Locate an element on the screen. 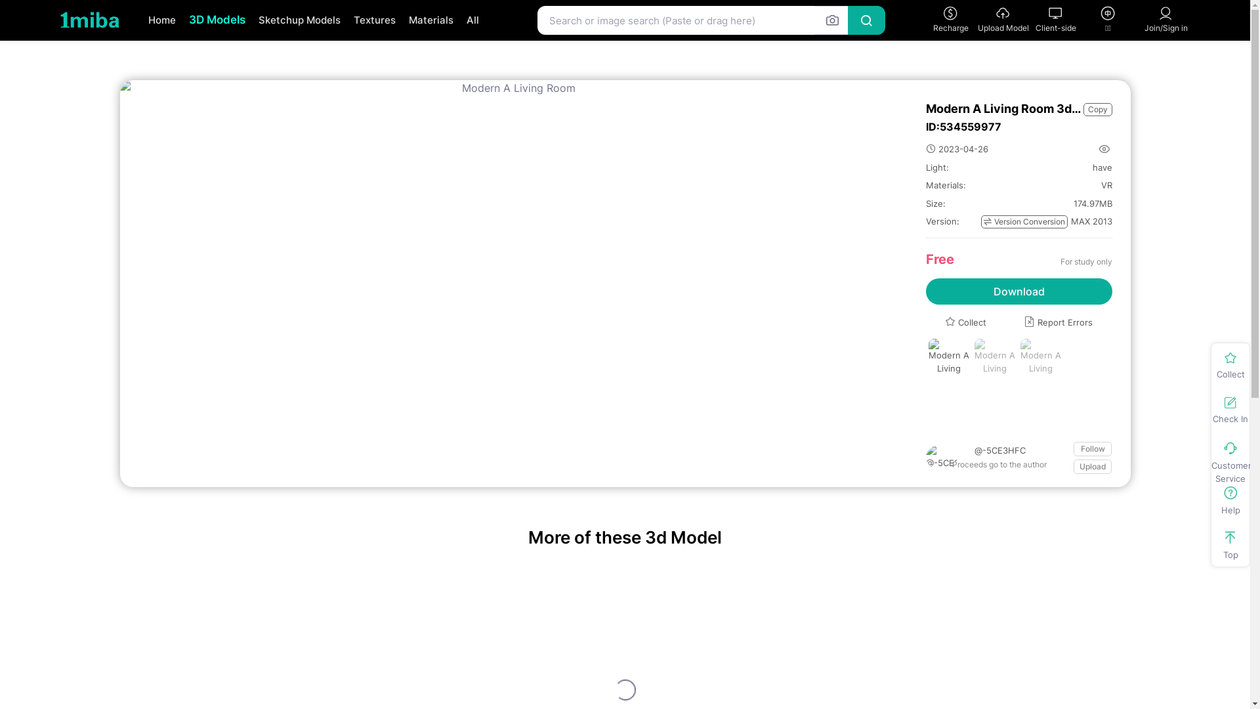 The image size is (1260, 709). 'Textures' is located at coordinates (373, 20).